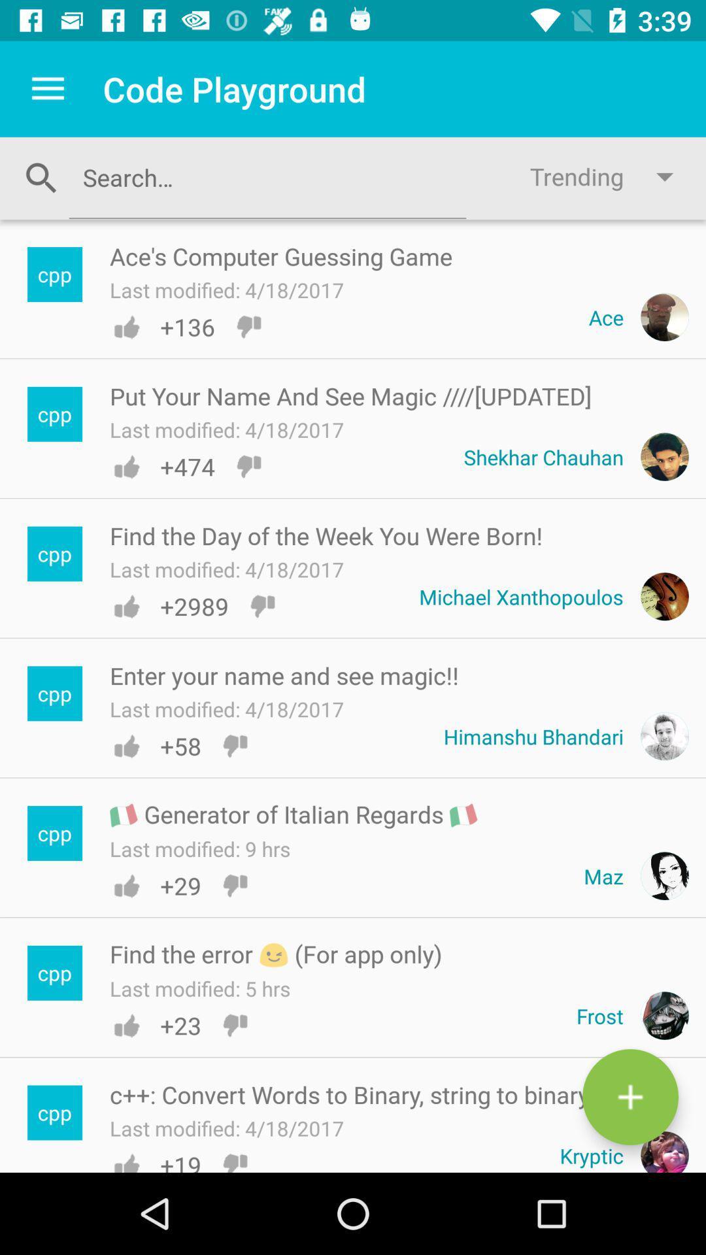 Image resolution: width=706 pixels, height=1255 pixels. What do you see at coordinates (267, 176) in the screenshot?
I see `area to input search terms` at bounding box center [267, 176].